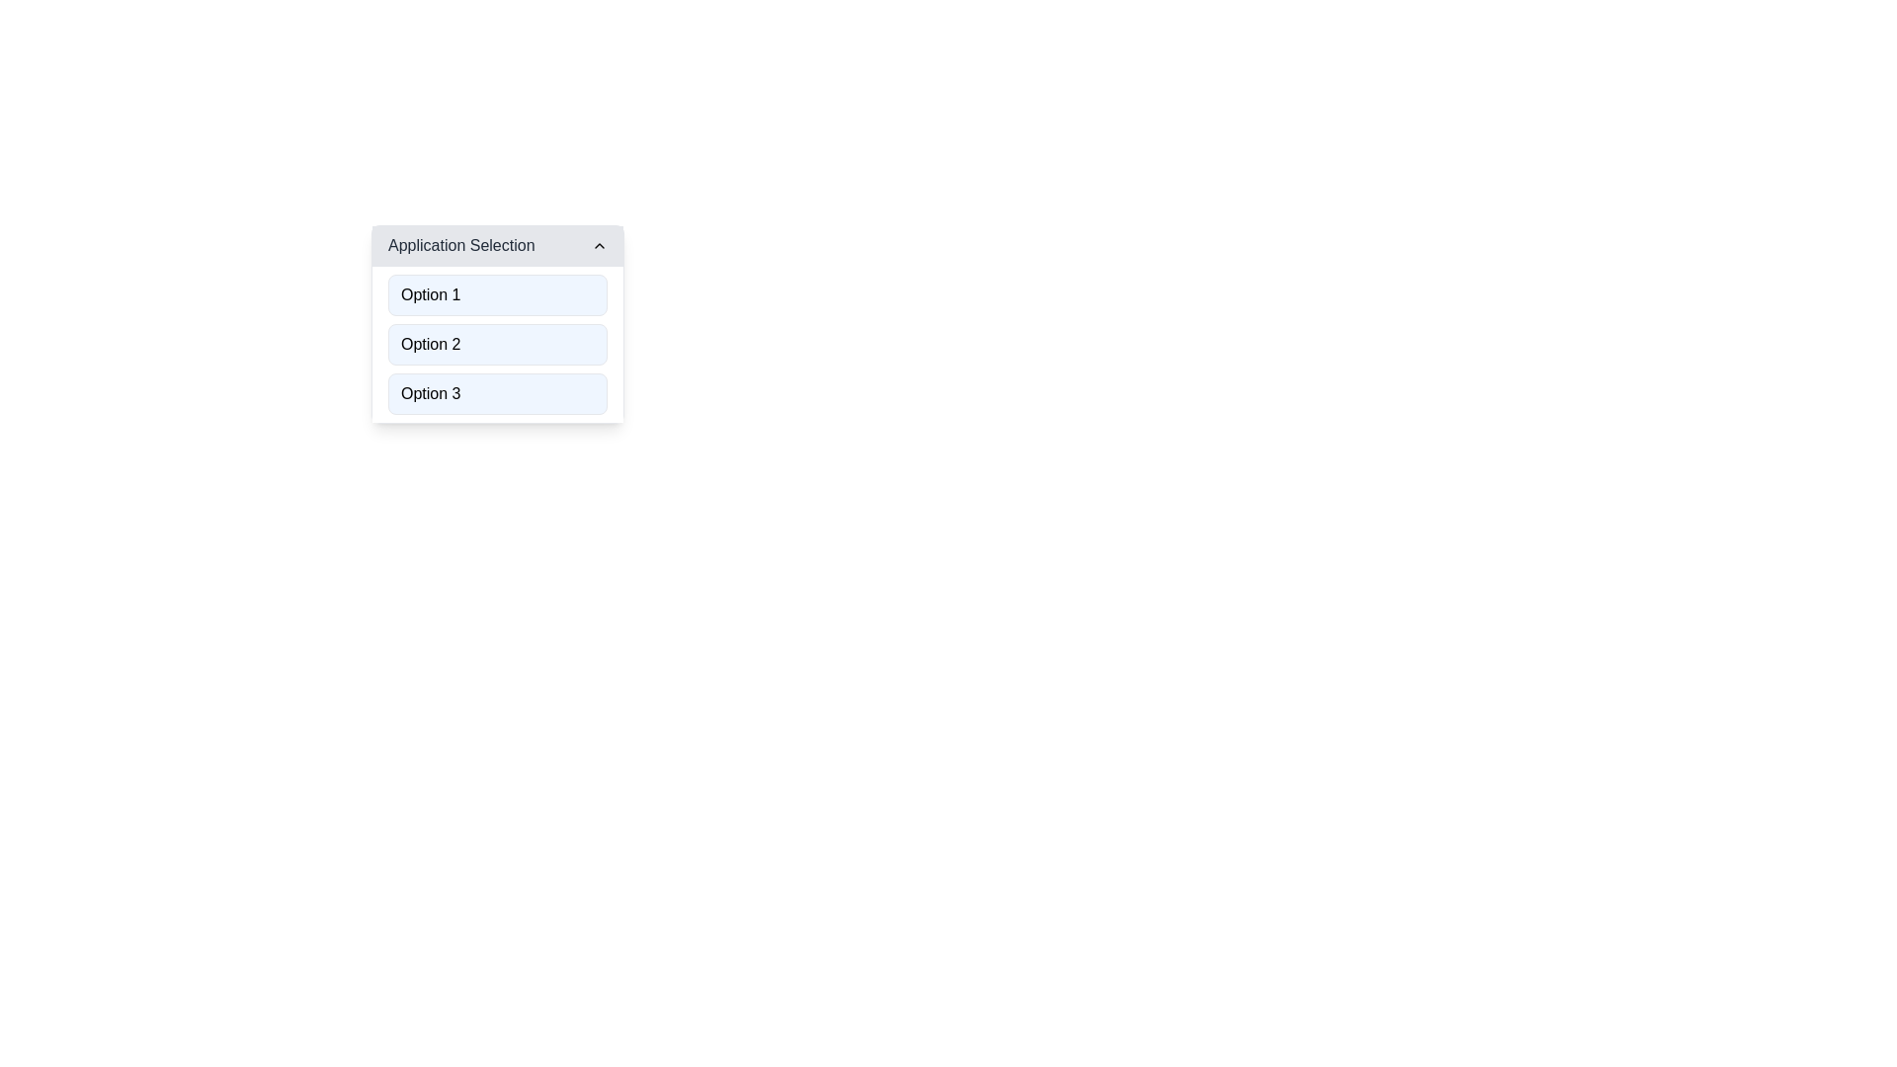  Describe the element at coordinates (498, 323) in the screenshot. I see `the second option in the dropdown menu which allows users to select 'Option 2'` at that location.